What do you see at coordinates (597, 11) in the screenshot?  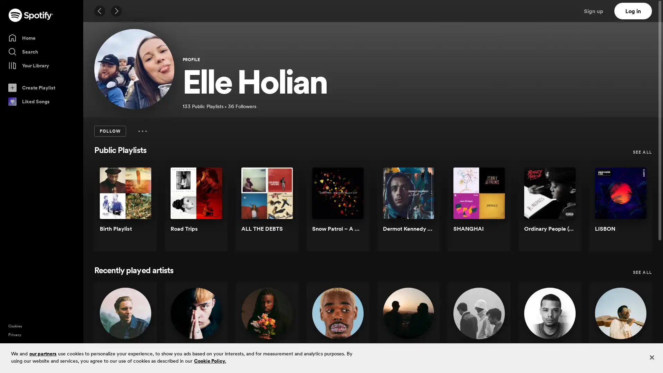 I see `Sign up` at bounding box center [597, 11].